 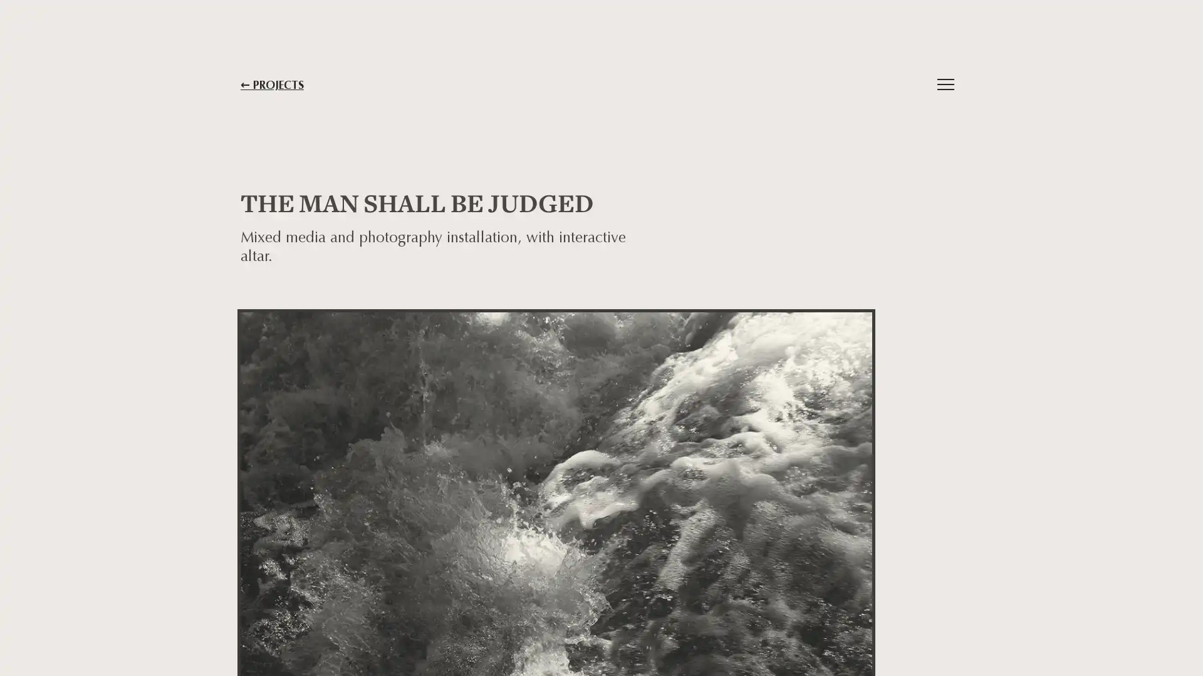 I want to click on Toggle Menu, so click(x=945, y=84).